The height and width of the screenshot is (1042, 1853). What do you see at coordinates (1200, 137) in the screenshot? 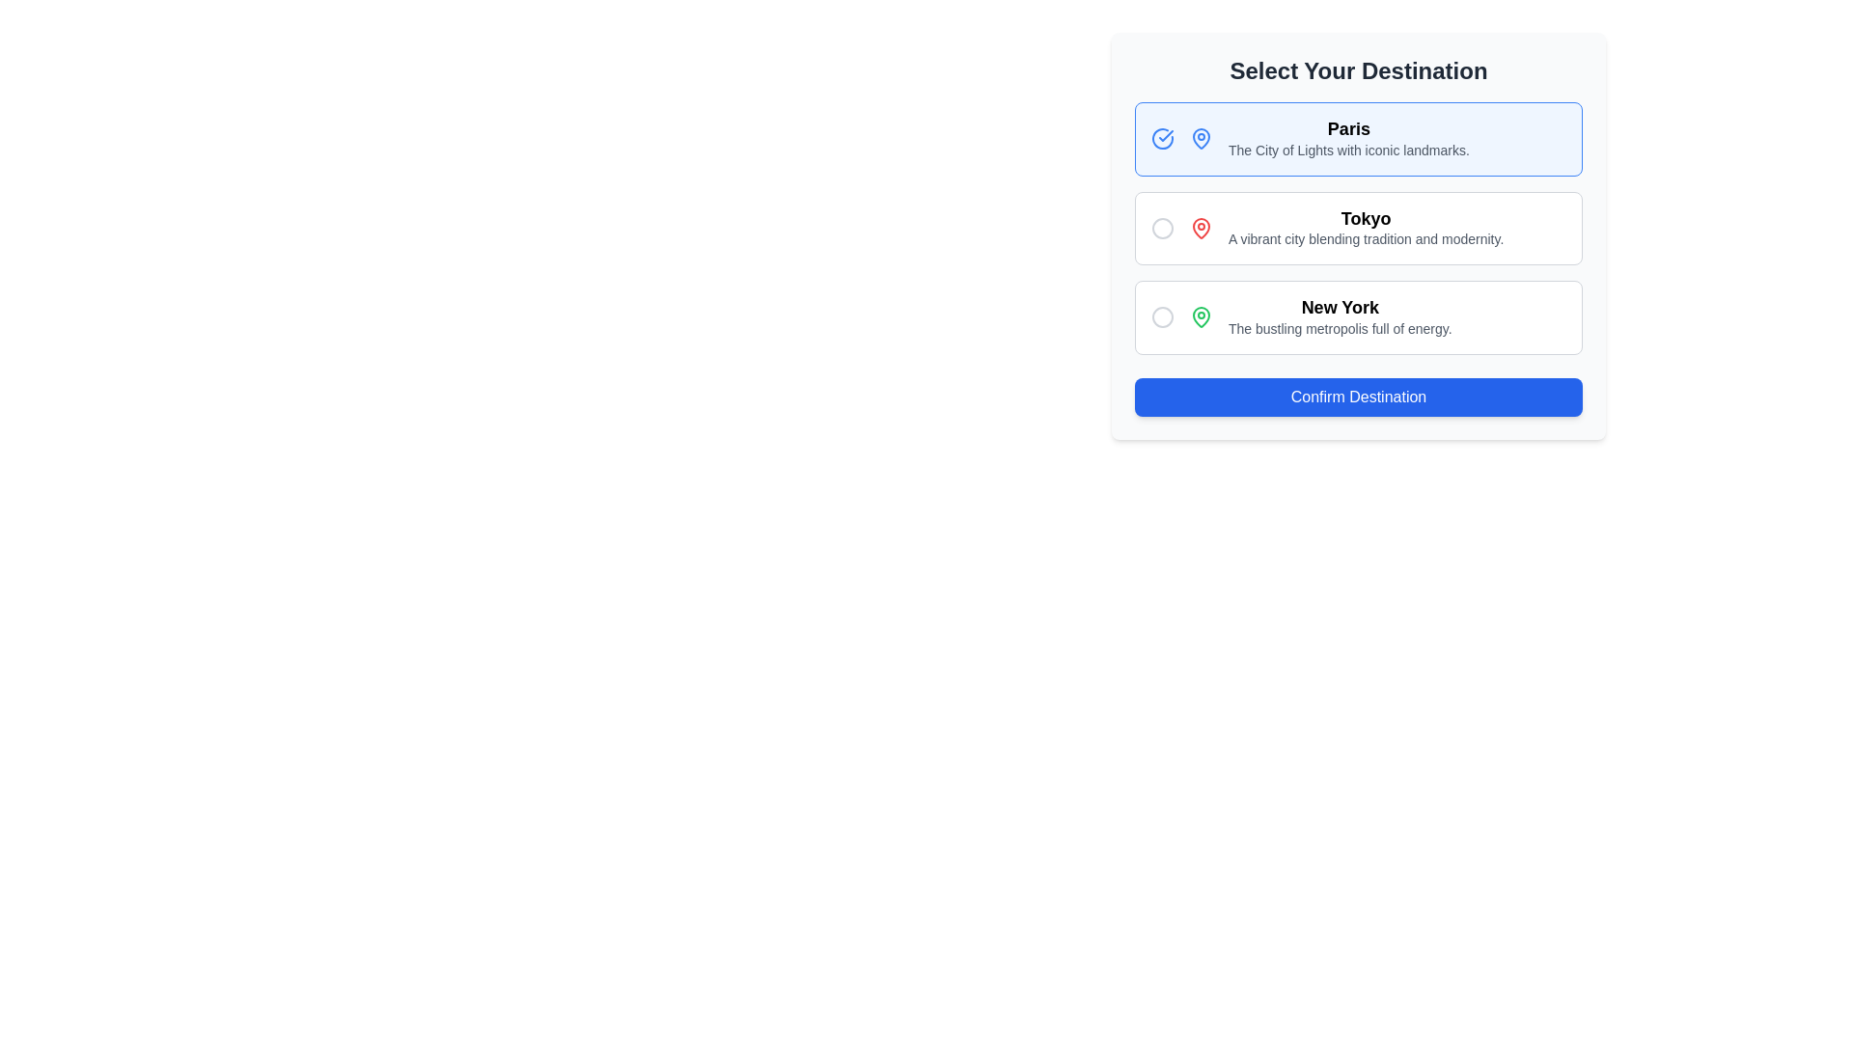
I see `the blue stylized map pin icon located next to the destination title 'Paris' in the 'Select Your Destination' interface` at bounding box center [1200, 137].